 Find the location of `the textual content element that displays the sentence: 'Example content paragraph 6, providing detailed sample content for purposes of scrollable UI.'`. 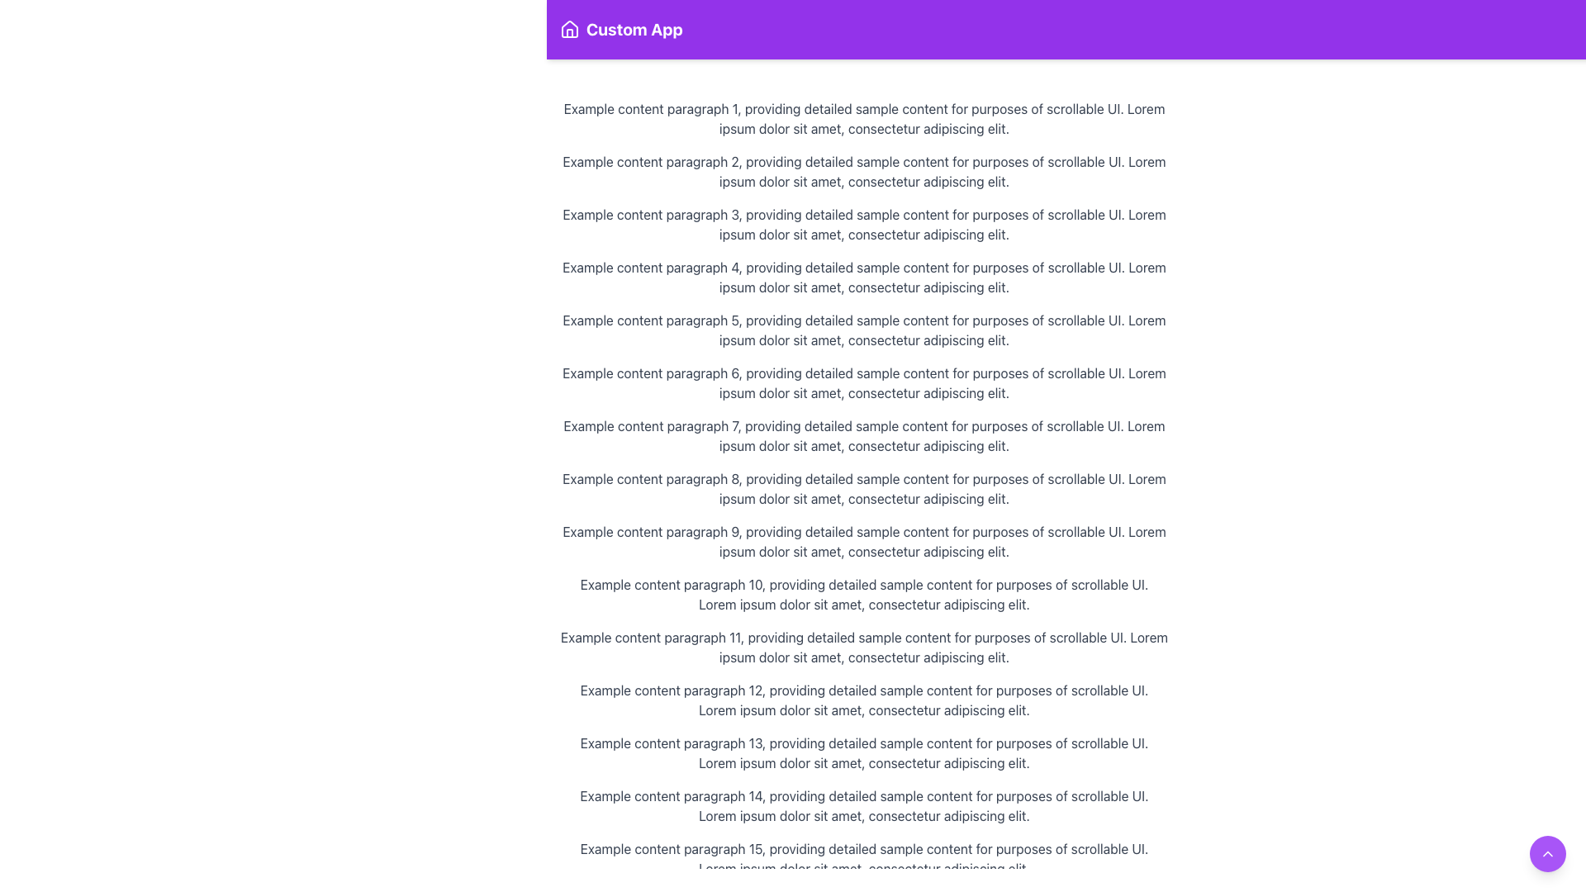

the textual content element that displays the sentence: 'Example content paragraph 6, providing detailed sample content for purposes of scrollable UI.' is located at coordinates (863, 382).